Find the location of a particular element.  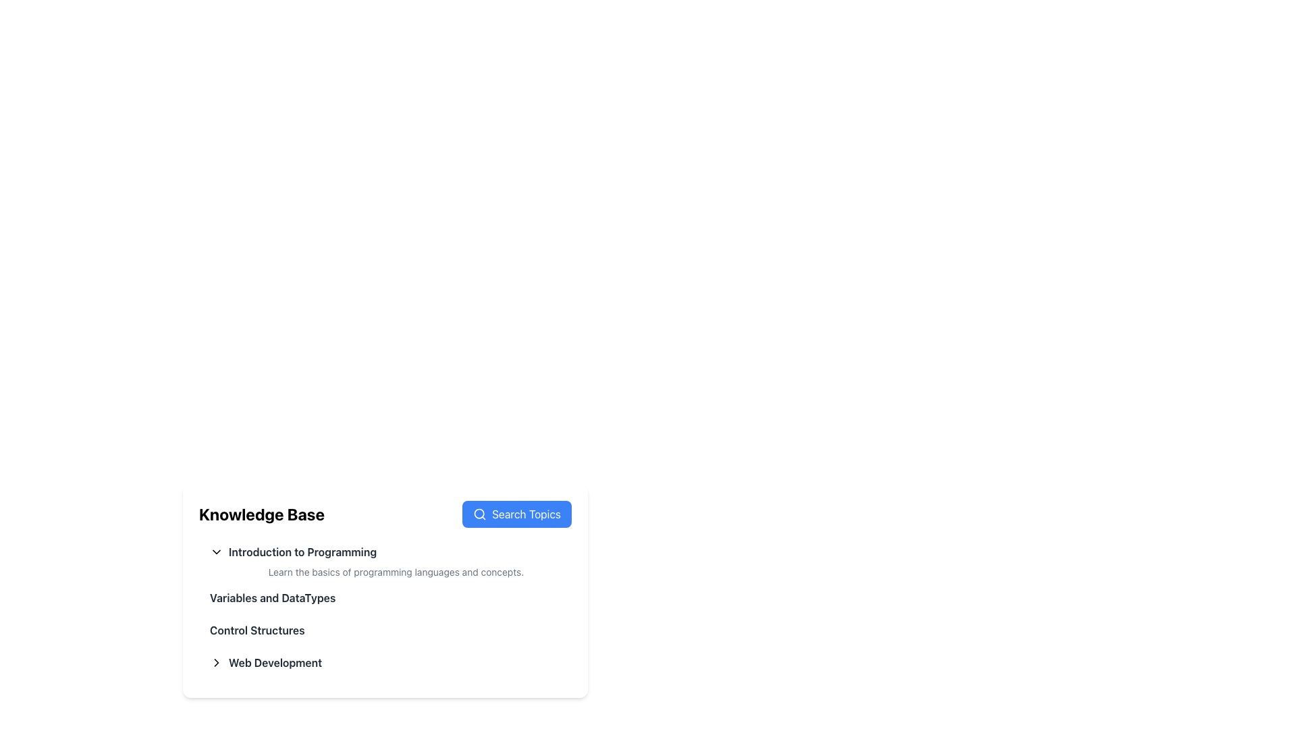

the 'Introduction to Programming' section in the 'Knowledge Base' is located at coordinates (385, 606).